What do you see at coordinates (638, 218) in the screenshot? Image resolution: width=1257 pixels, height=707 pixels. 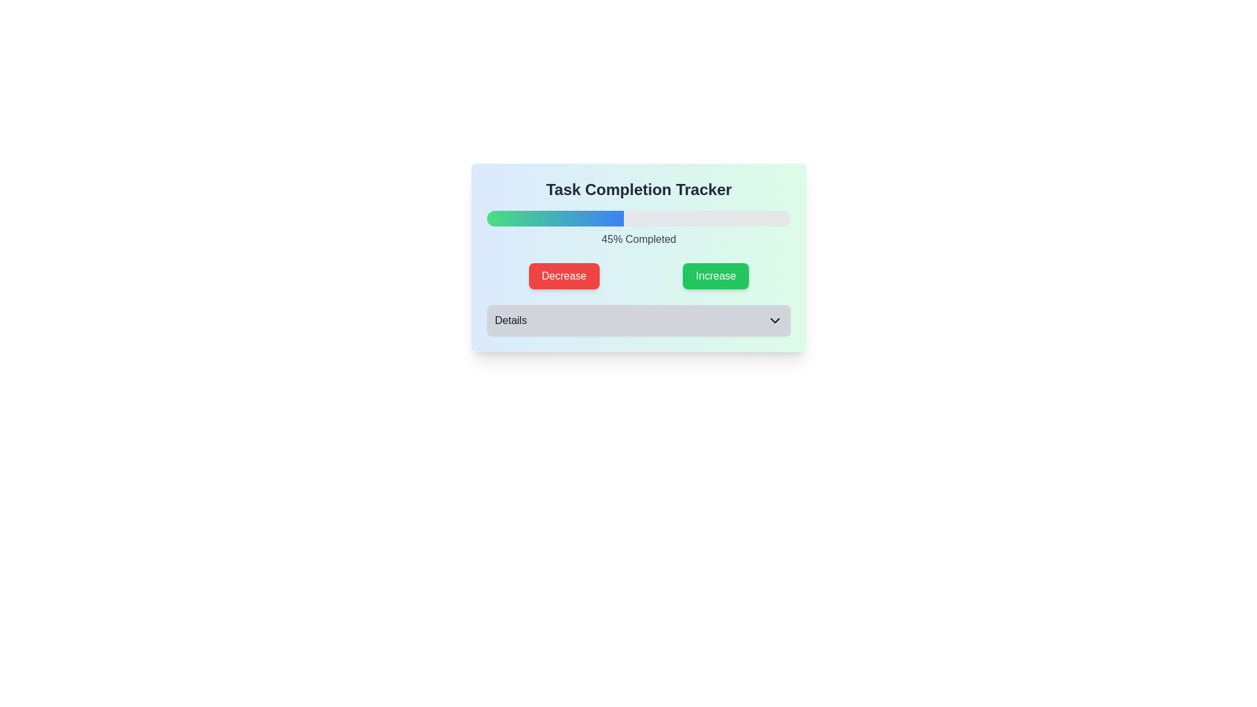 I see `the horizontal progress bar in the 'Task Completion Tracker' card, which has a gradient fill from green to blue and indicates 45% completion` at bounding box center [638, 218].